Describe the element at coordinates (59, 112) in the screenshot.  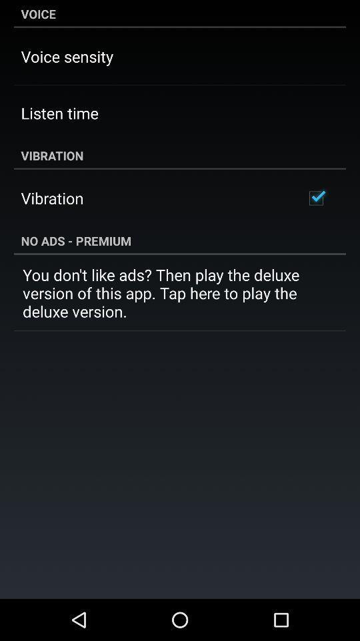
I see `icon below the voice sensity` at that location.